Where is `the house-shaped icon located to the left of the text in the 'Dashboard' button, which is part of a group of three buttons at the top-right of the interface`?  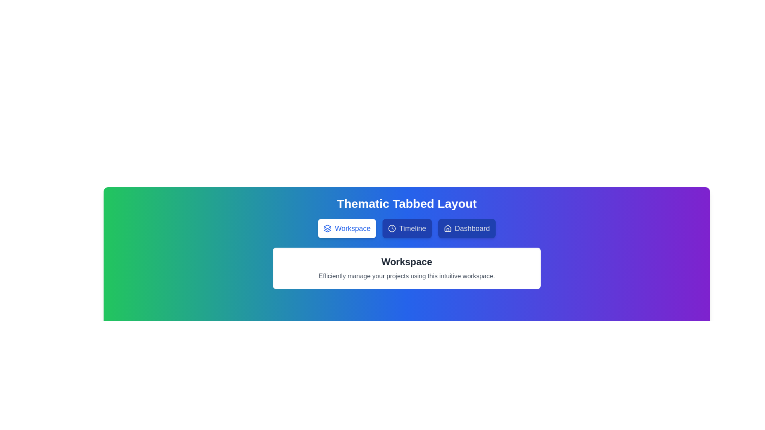
the house-shaped icon located to the left of the text in the 'Dashboard' button, which is part of a group of three buttons at the top-right of the interface is located at coordinates (447, 229).